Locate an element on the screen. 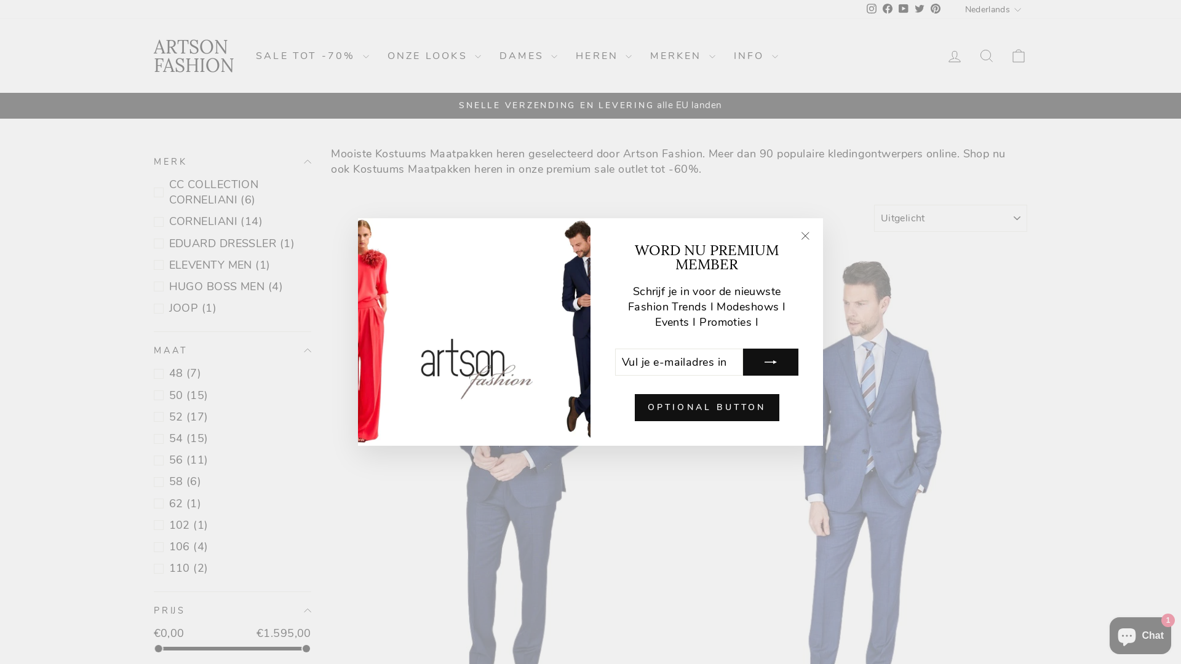 The image size is (1181, 664). 'MERK' is located at coordinates (153, 160).